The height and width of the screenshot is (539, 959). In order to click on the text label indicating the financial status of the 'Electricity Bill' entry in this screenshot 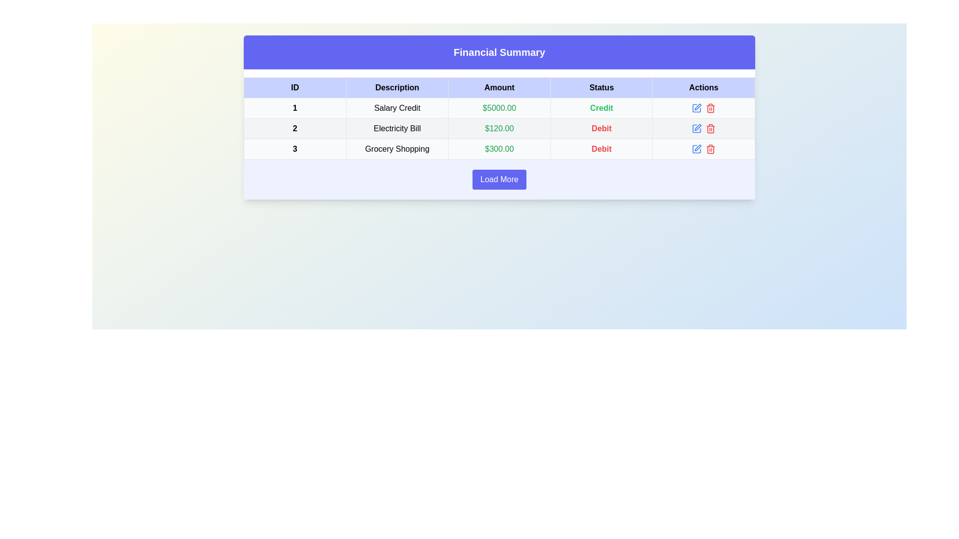, I will do `click(601, 128)`.